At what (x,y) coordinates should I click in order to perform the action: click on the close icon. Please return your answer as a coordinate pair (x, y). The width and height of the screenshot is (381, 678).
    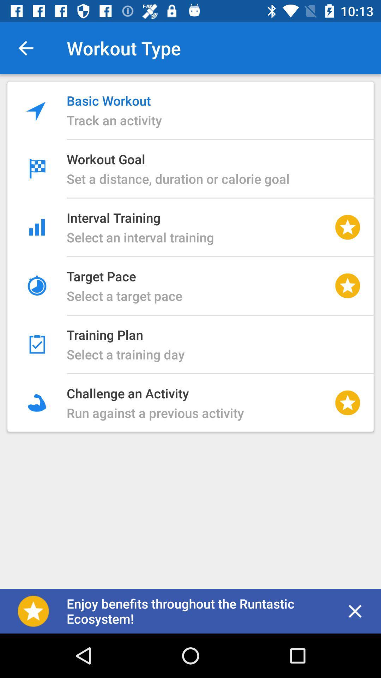
    Looking at the image, I should click on (355, 611).